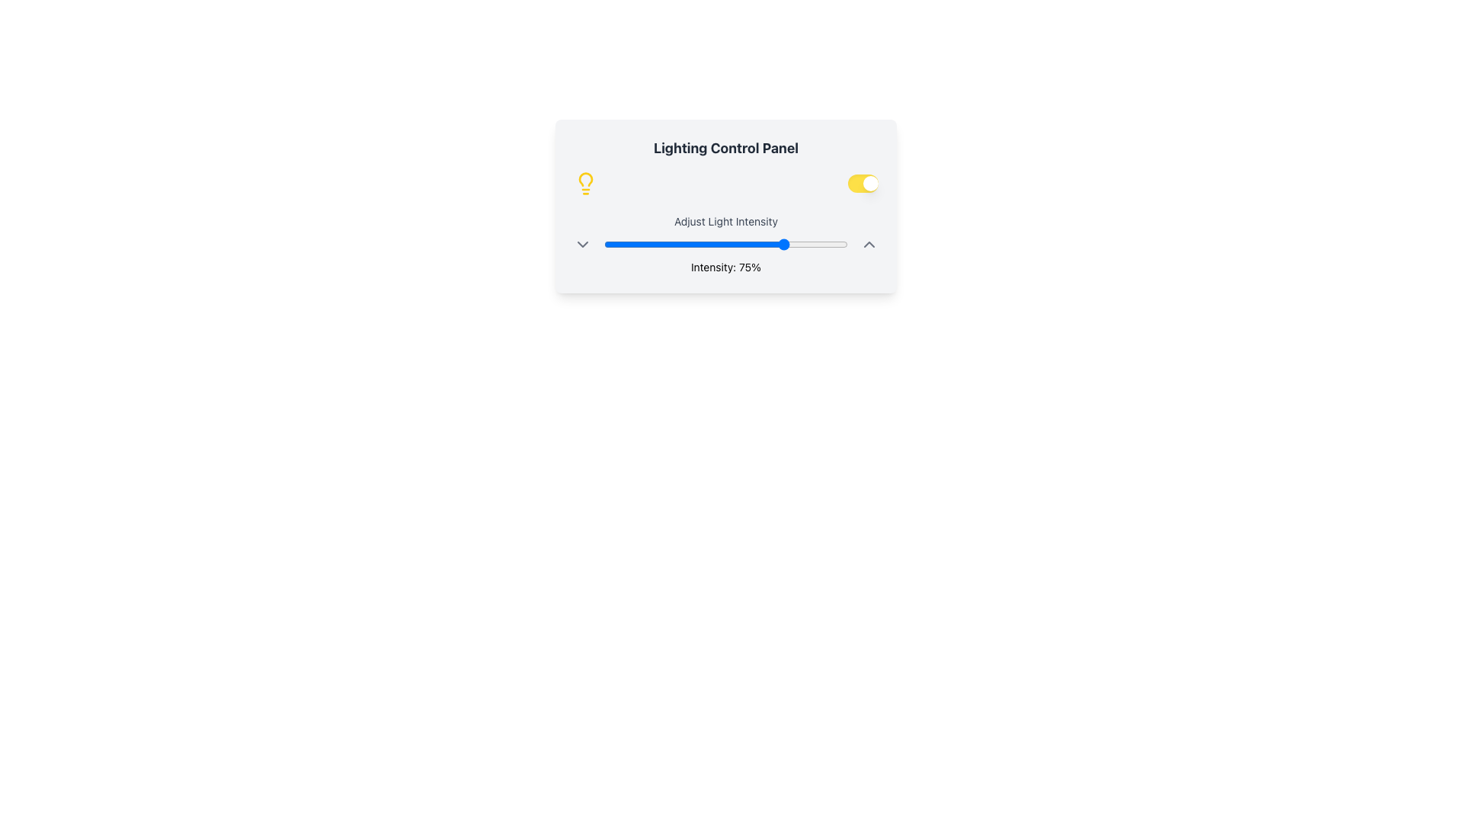 The image size is (1463, 823). I want to click on light intensity, so click(658, 243).